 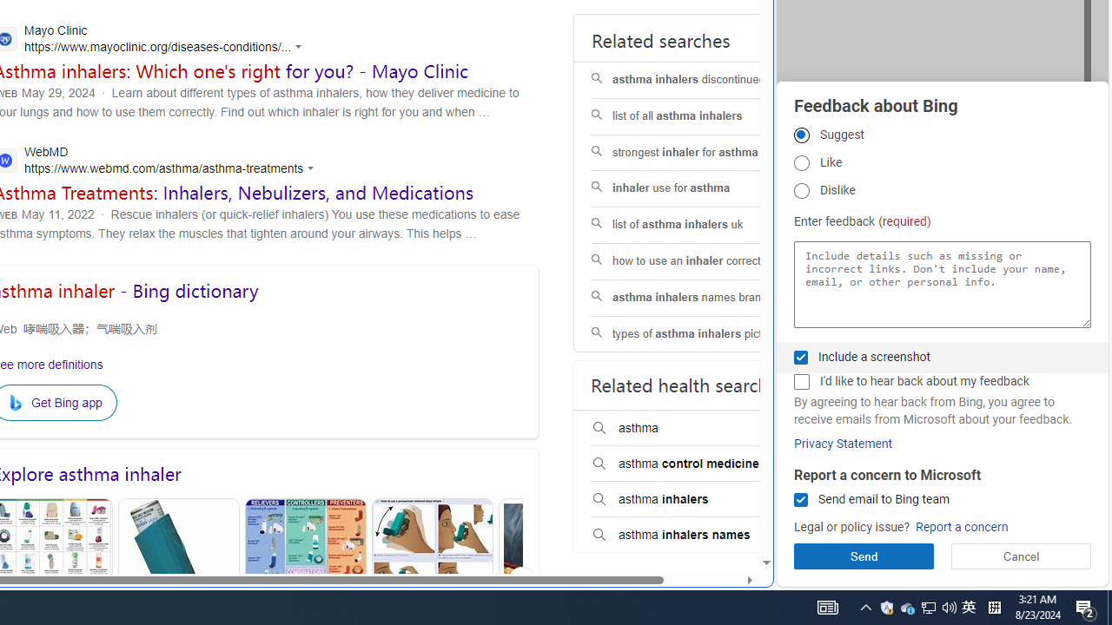 What do you see at coordinates (800, 134) in the screenshot?
I see `'Suggest'` at bounding box center [800, 134].